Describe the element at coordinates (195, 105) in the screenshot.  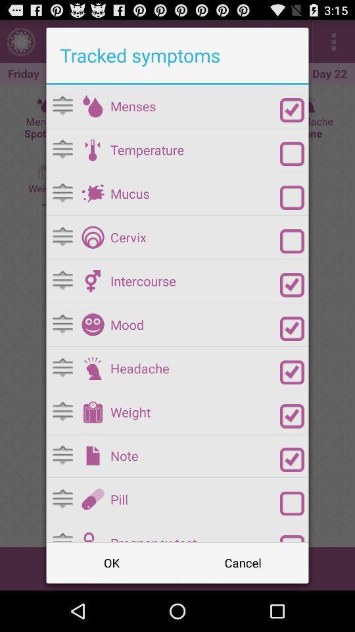
I see `menses icon` at that location.